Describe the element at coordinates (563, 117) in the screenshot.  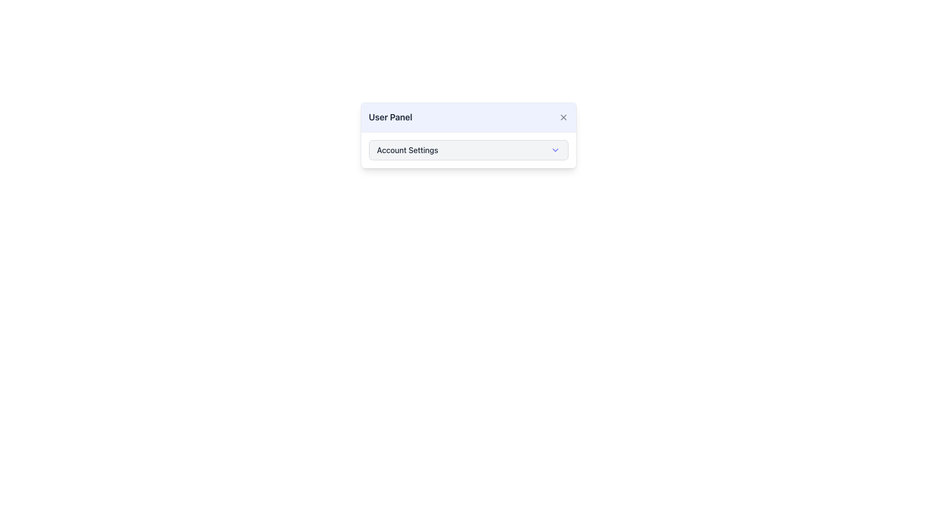
I see `the graphical 'close' icon located in the top-right corner of the 'User Panel'` at that location.